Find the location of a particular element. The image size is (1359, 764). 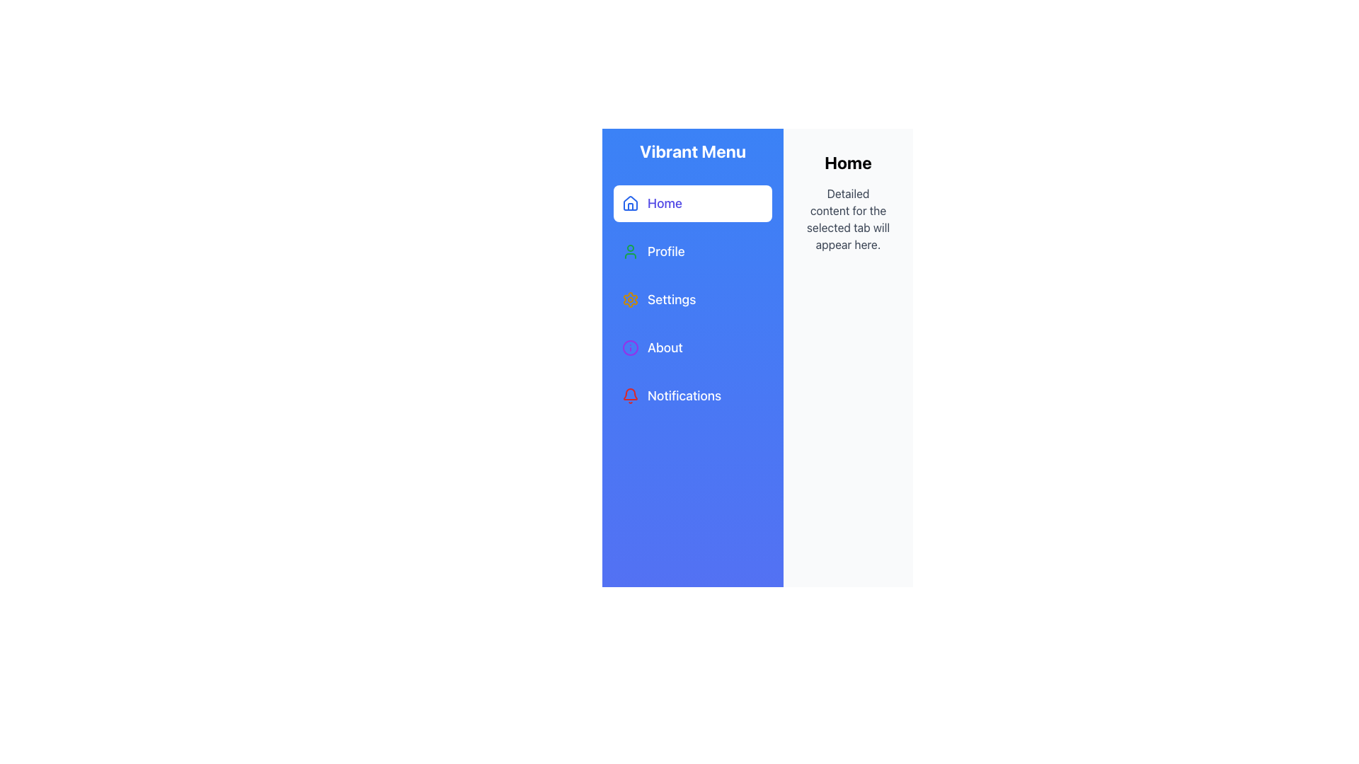

the 'Settings' button in the vertical navigation menu, which is the third item below 'Profile' and above 'About' is located at coordinates (693, 299).